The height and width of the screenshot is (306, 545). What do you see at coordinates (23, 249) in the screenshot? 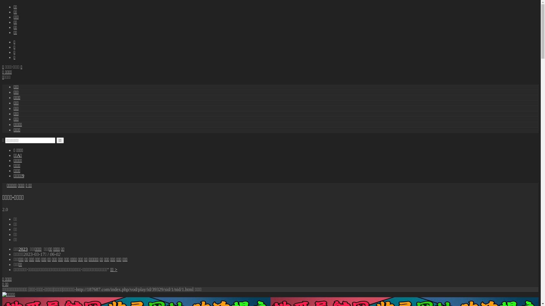
I see `'2023'` at bounding box center [23, 249].